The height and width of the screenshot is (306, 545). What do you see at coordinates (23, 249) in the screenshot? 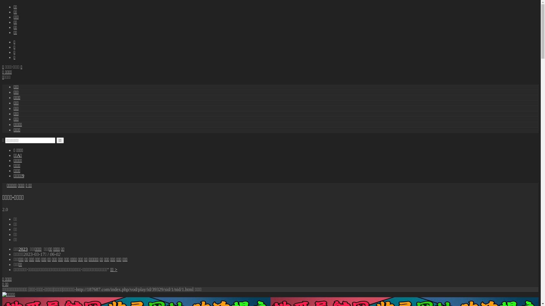
I see `'2023'` at bounding box center [23, 249].